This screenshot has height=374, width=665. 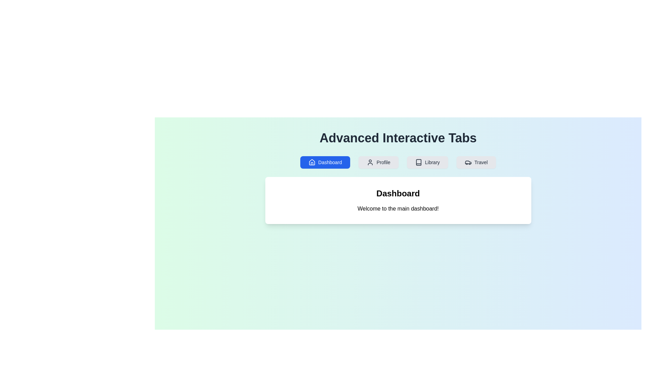 I want to click on the 'Dashboard' text label within the blue button, so click(x=330, y=162).